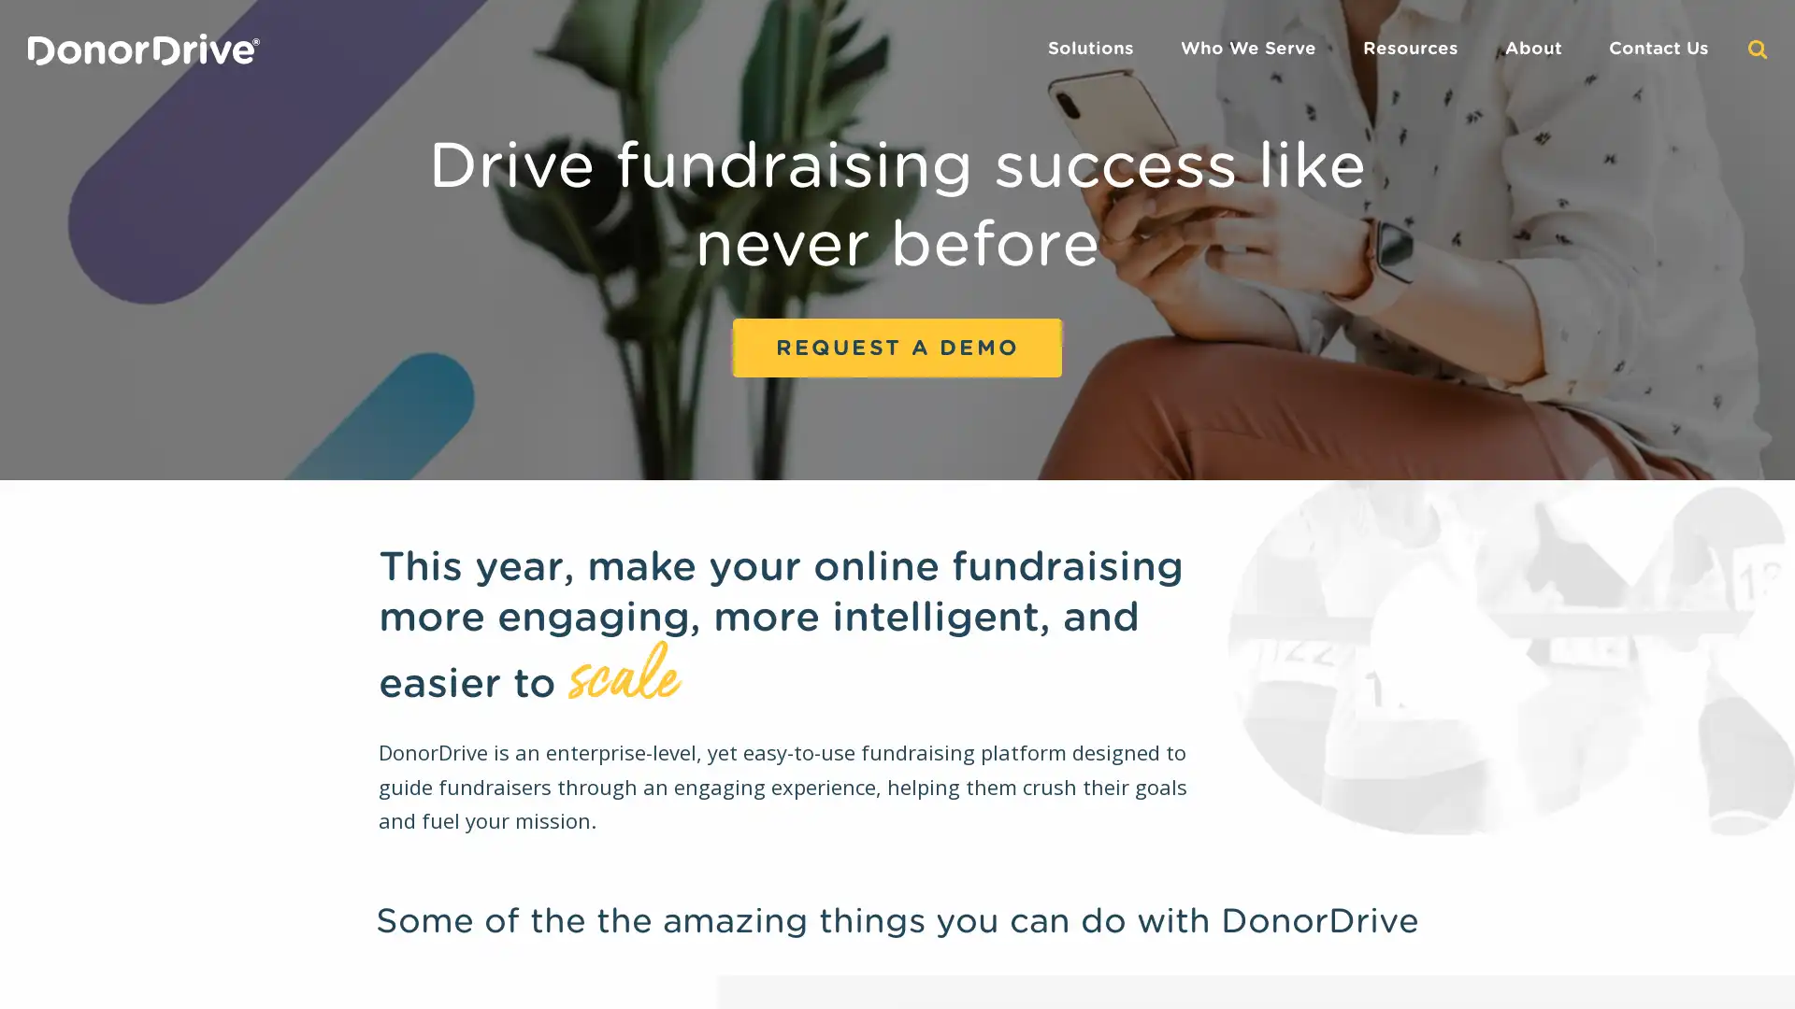 Image resolution: width=1795 pixels, height=1009 pixels. What do you see at coordinates (1533, 47) in the screenshot?
I see `About` at bounding box center [1533, 47].